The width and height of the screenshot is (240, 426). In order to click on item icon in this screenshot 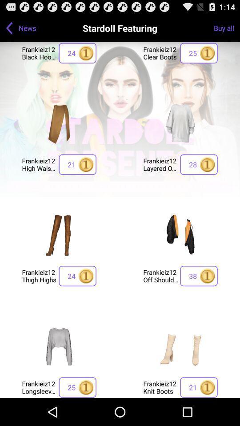, I will do `click(180, 122)`.